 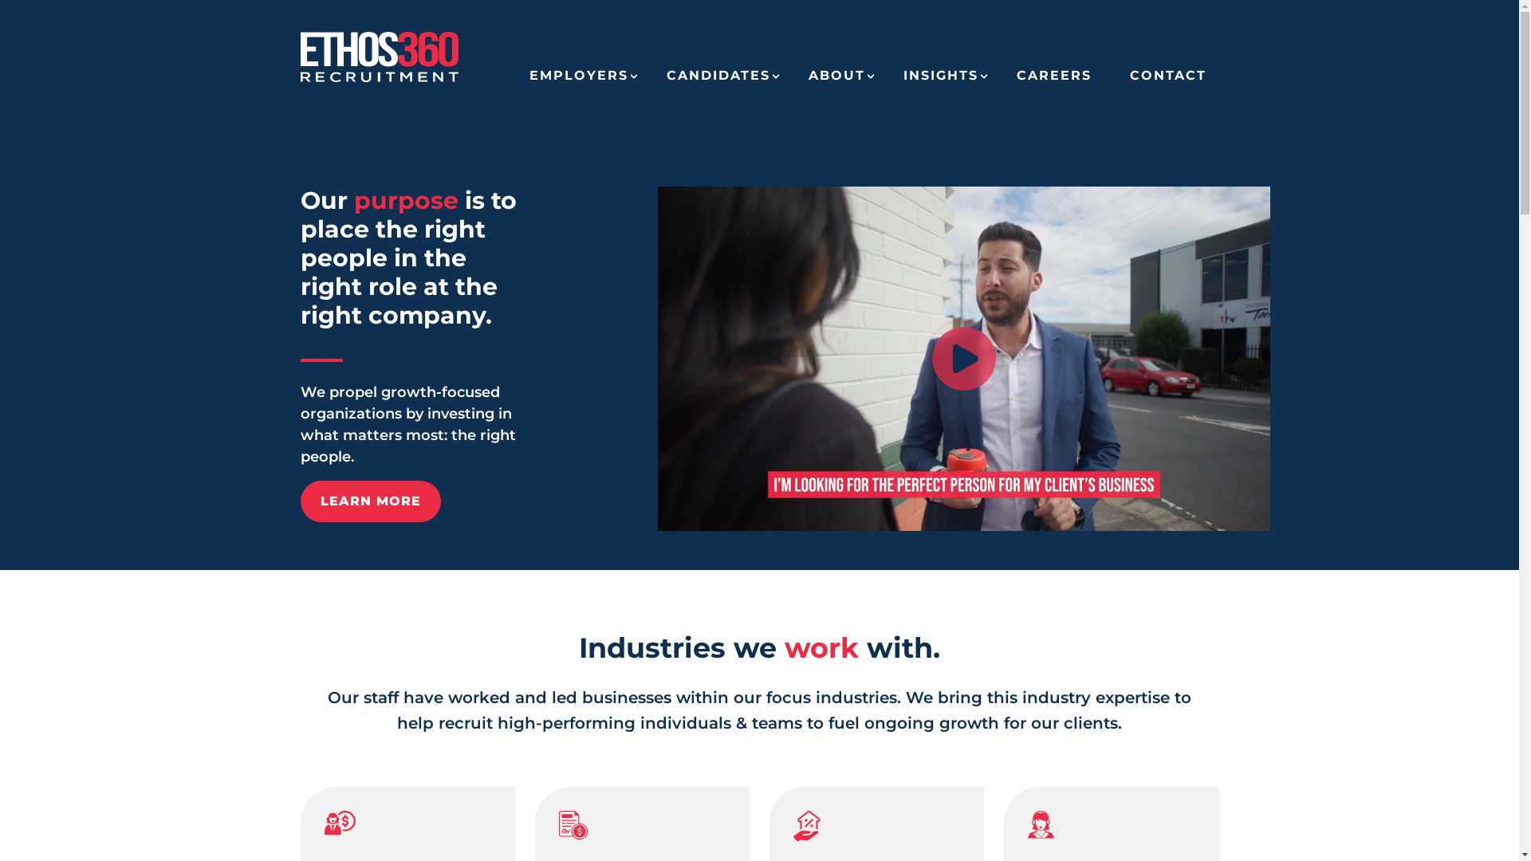 I want to click on 'ABOUT', so click(x=836, y=81).